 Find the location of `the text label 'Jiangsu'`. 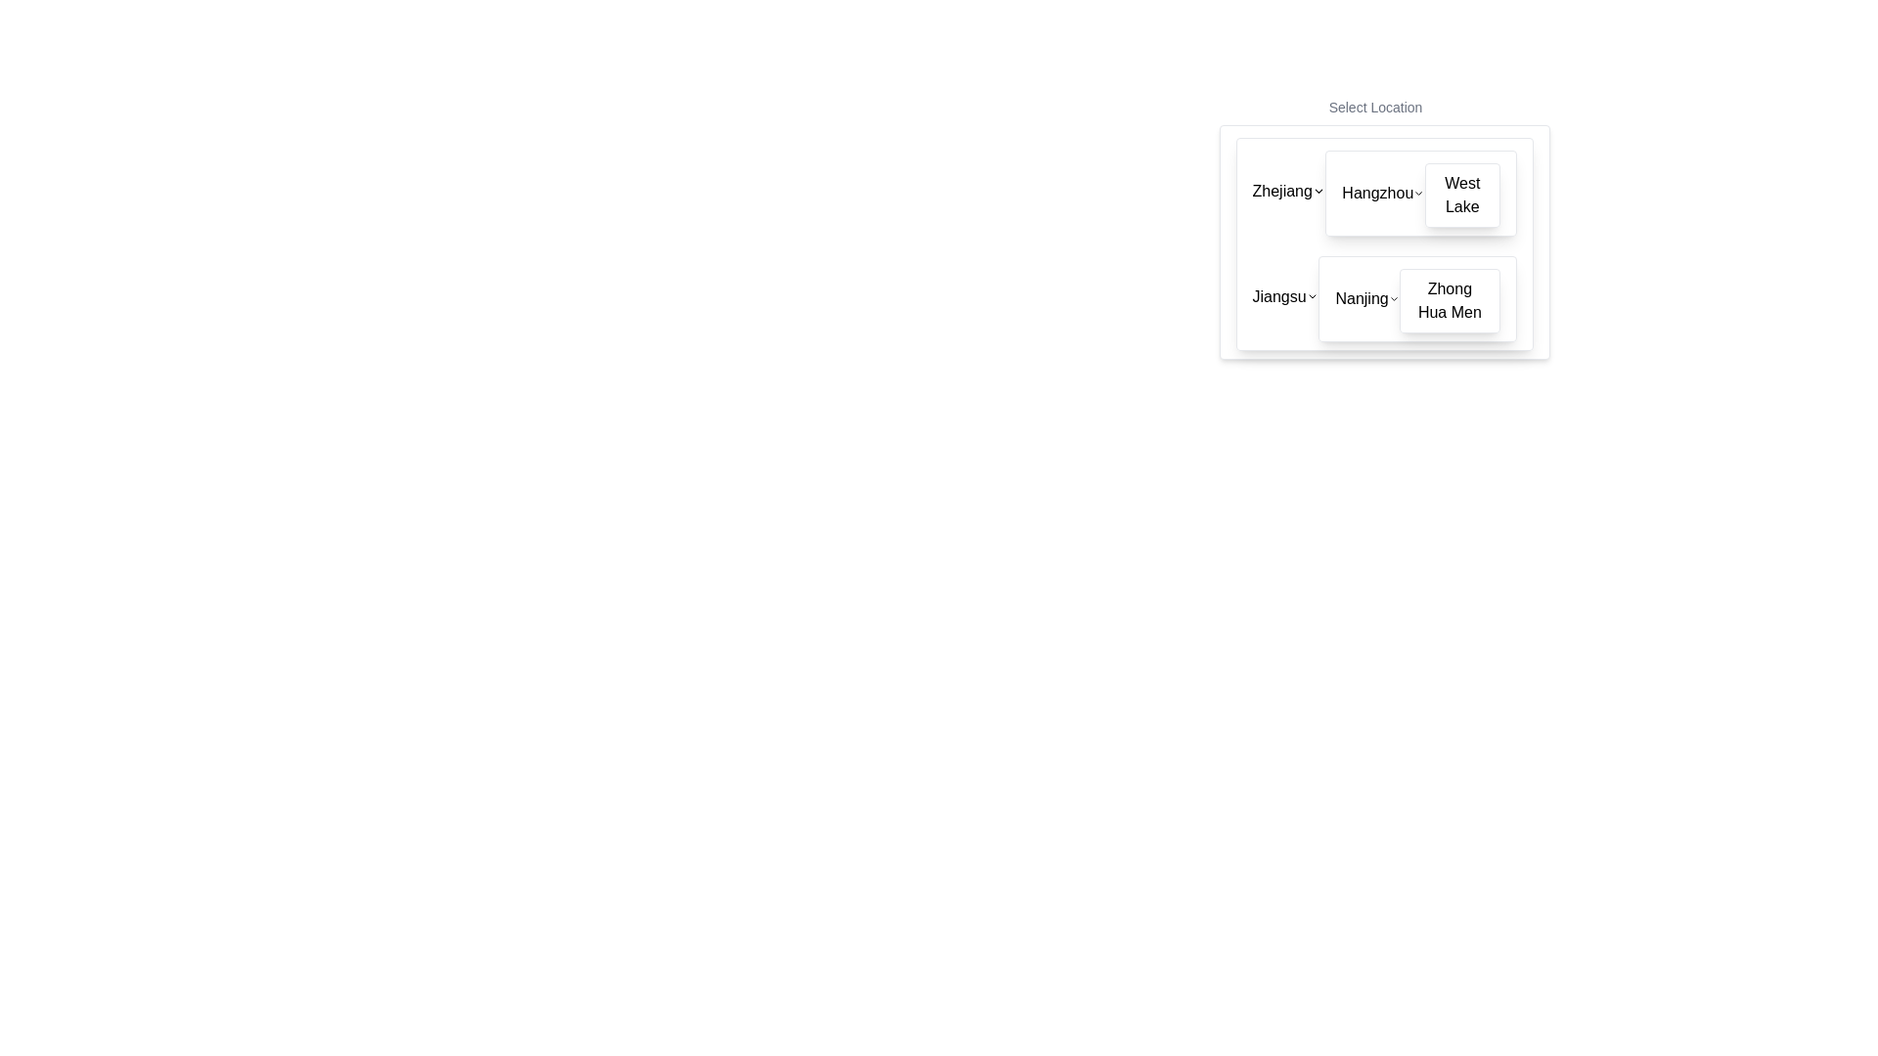

the text label 'Jiangsu' is located at coordinates (1279, 297).